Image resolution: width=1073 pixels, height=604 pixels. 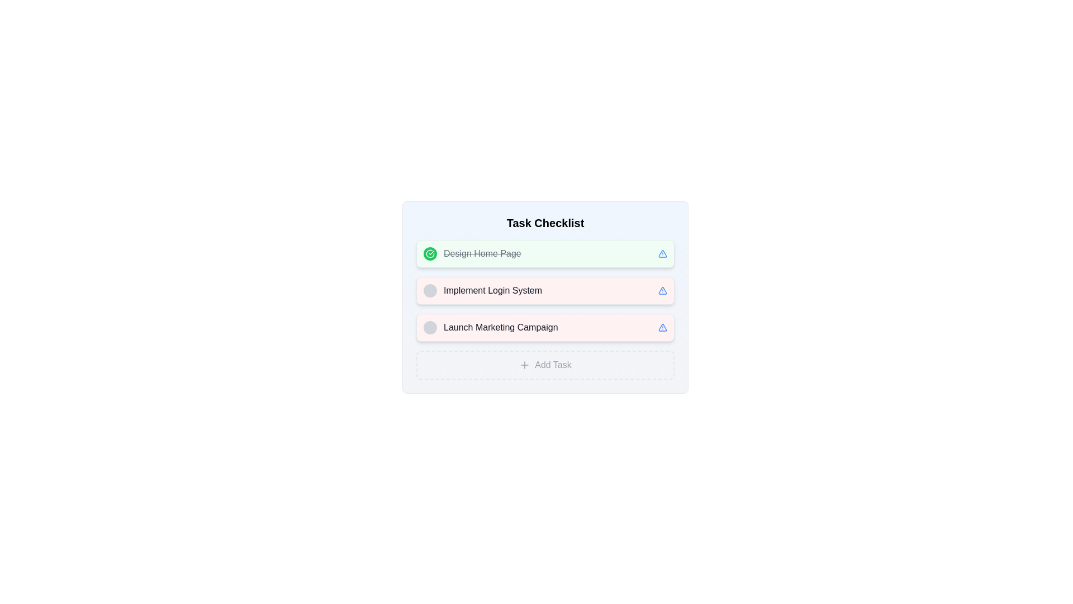 I want to click on the circular button with a gray background located to the left of the 'Implement Login System' text in the second row of the checklist interface, so click(x=429, y=290).